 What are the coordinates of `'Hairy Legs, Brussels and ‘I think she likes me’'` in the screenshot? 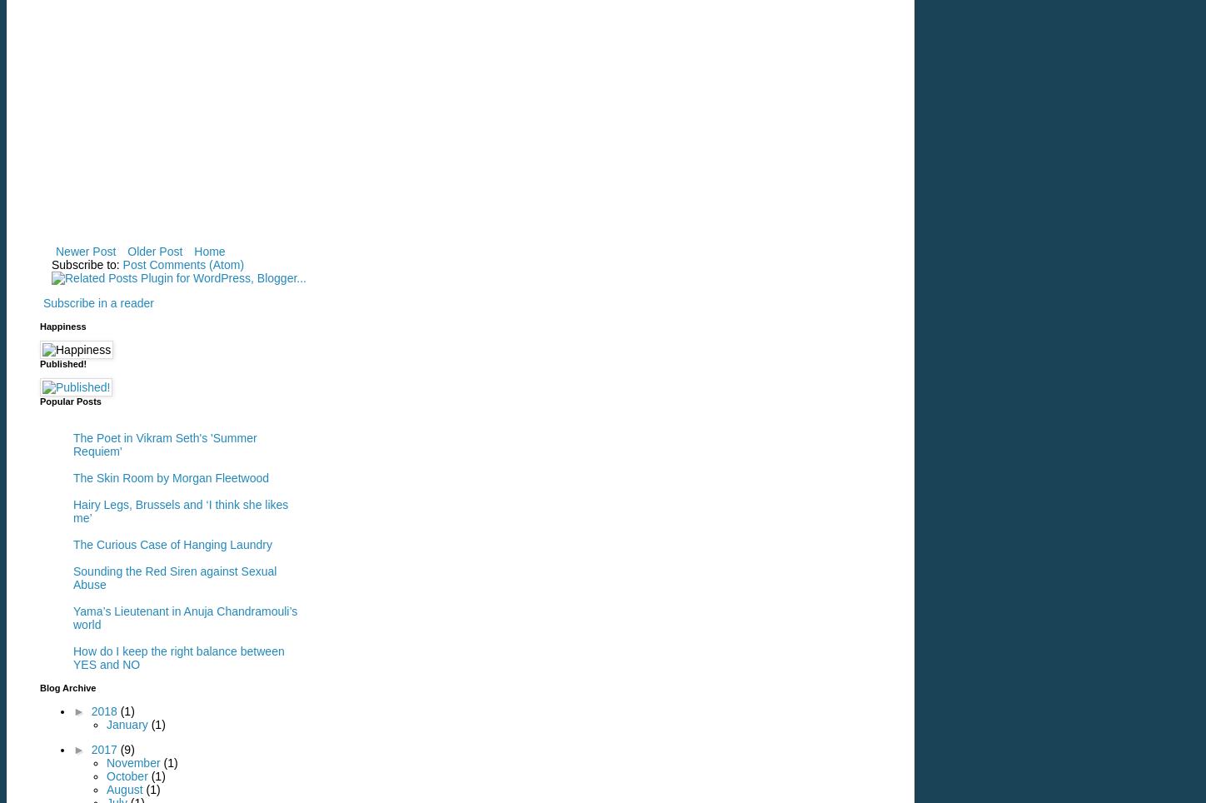 It's located at (181, 511).